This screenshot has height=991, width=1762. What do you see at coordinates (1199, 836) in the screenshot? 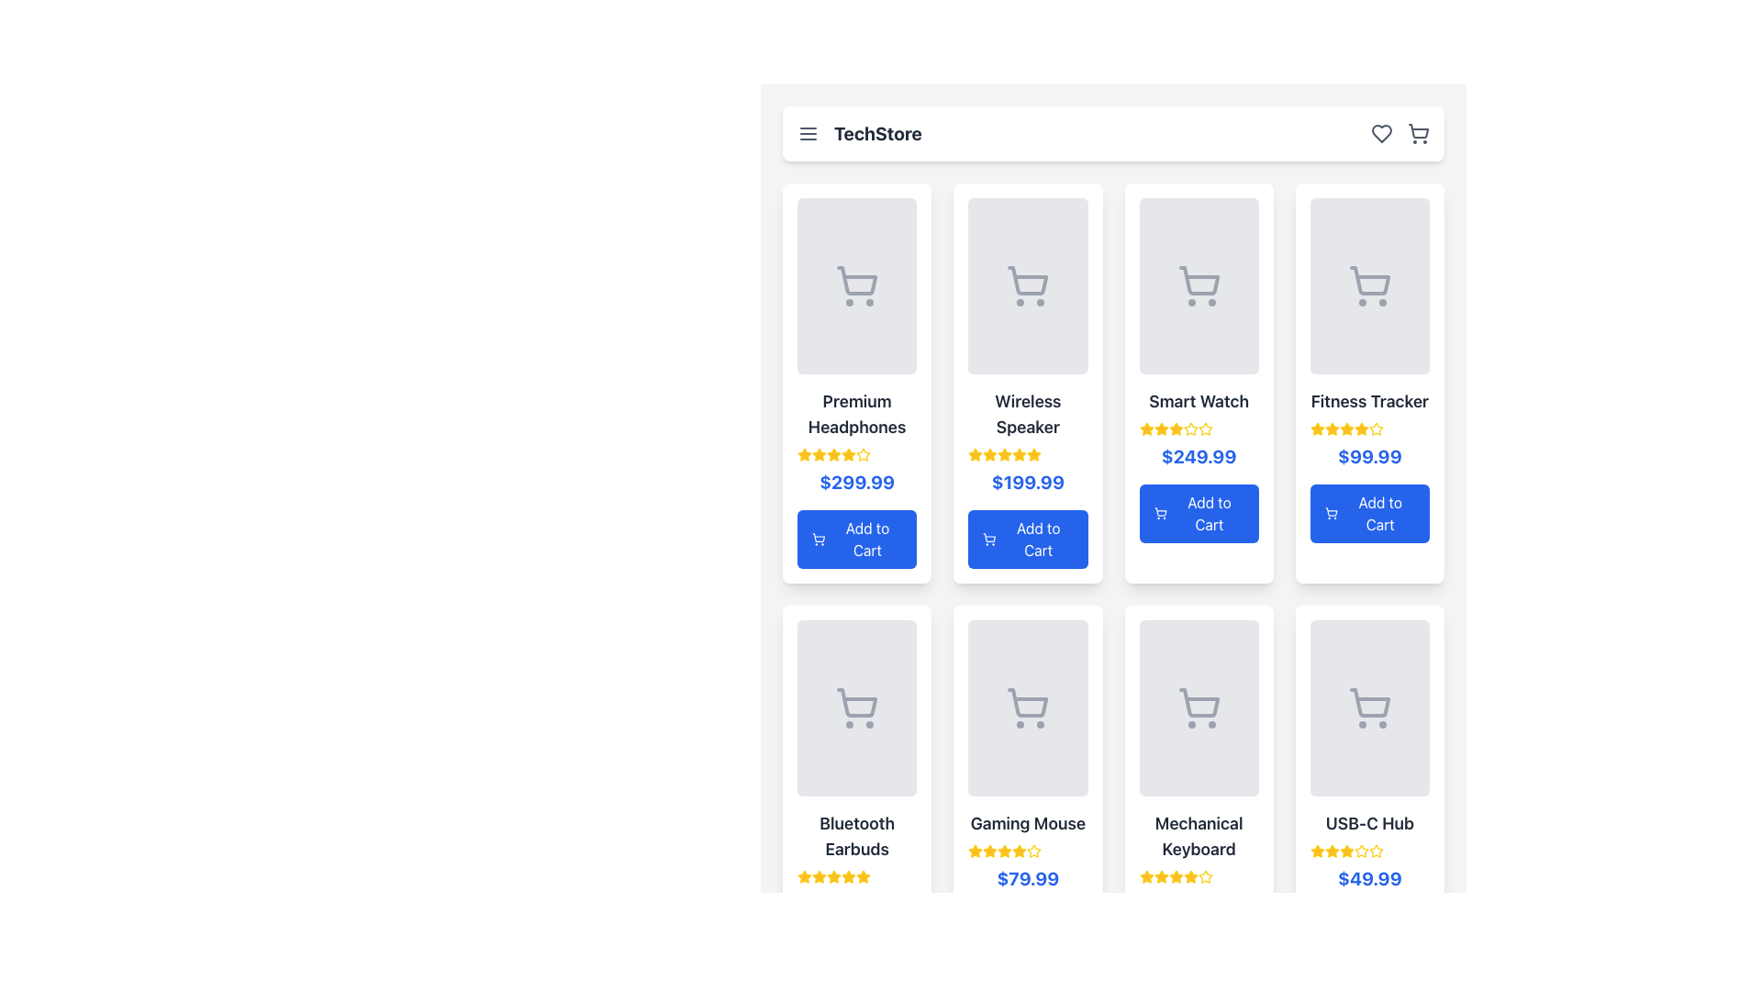
I see `the bold, dark-gray text that spells out 'Mechanical Keyboard', which is positioned centrally in the fourth column of the second row in a grid-style product layout, below an image and above the product price and rating` at bounding box center [1199, 836].